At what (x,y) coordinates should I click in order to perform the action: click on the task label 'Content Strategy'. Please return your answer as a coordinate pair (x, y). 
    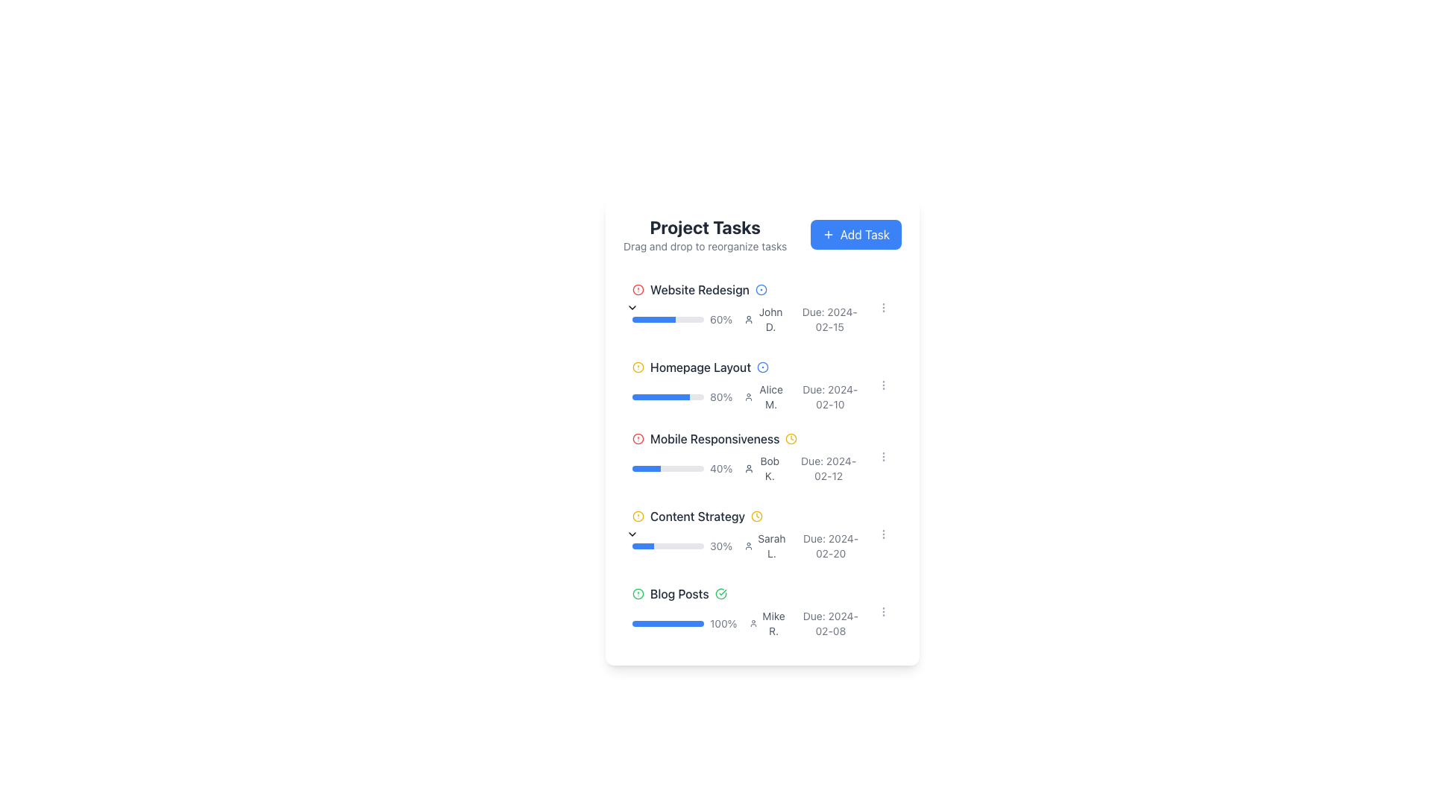
    Looking at the image, I should click on (747, 516).